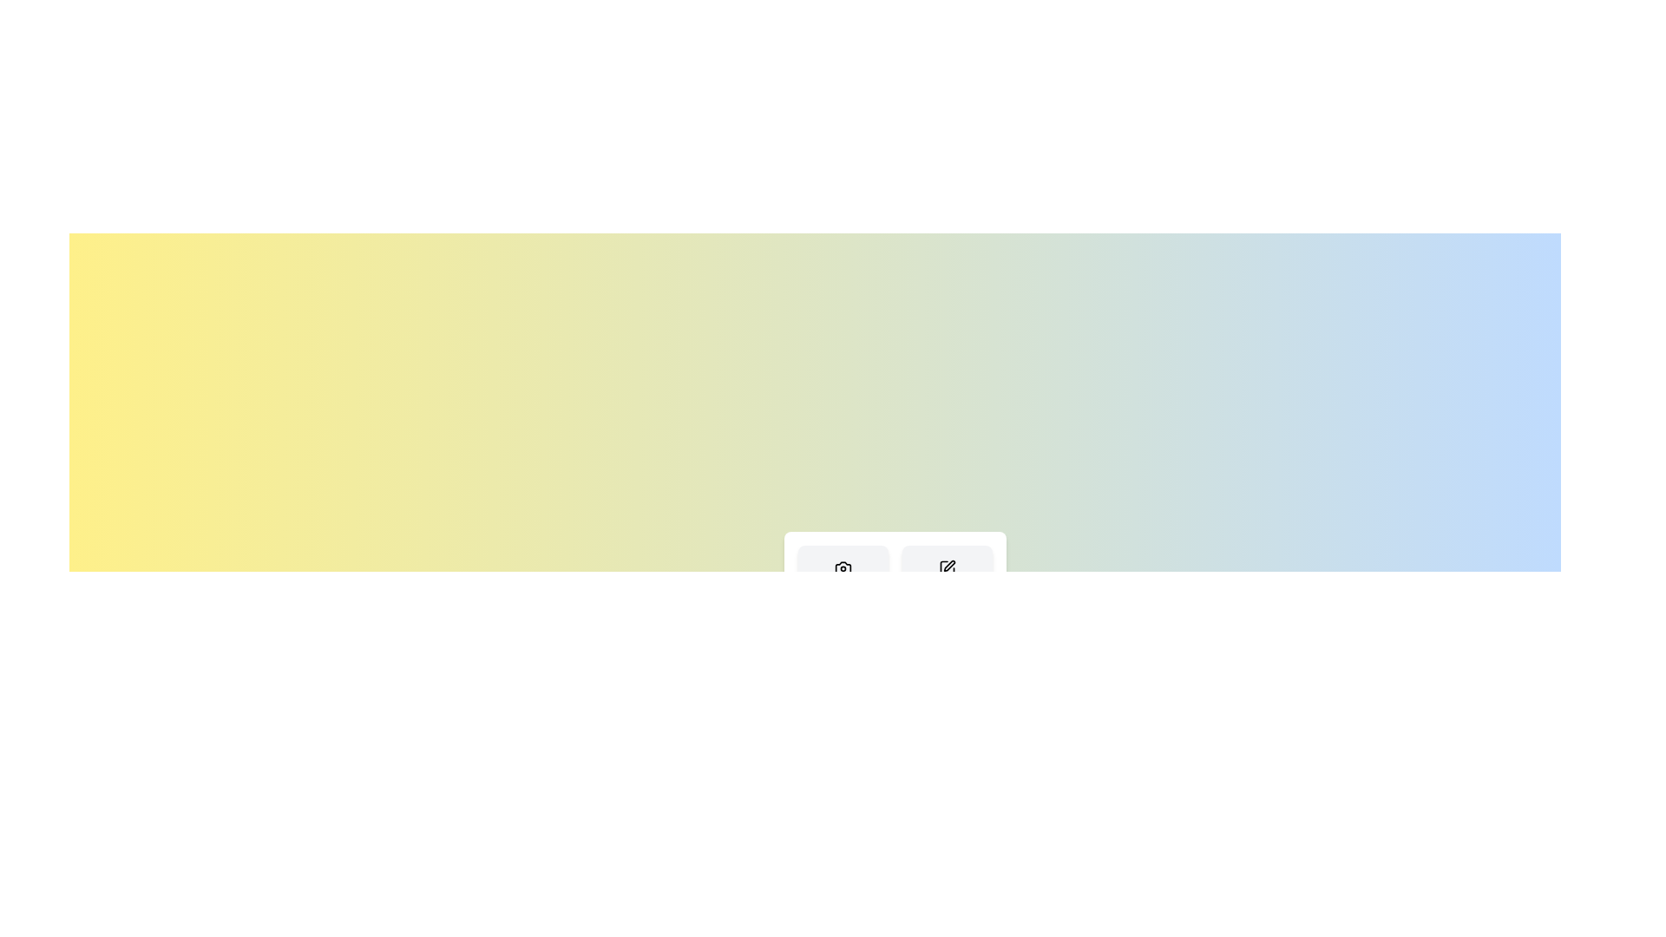 The image size is (1666, 937). I want to click on main button to toggle the menu visibility, so click(814, 701).